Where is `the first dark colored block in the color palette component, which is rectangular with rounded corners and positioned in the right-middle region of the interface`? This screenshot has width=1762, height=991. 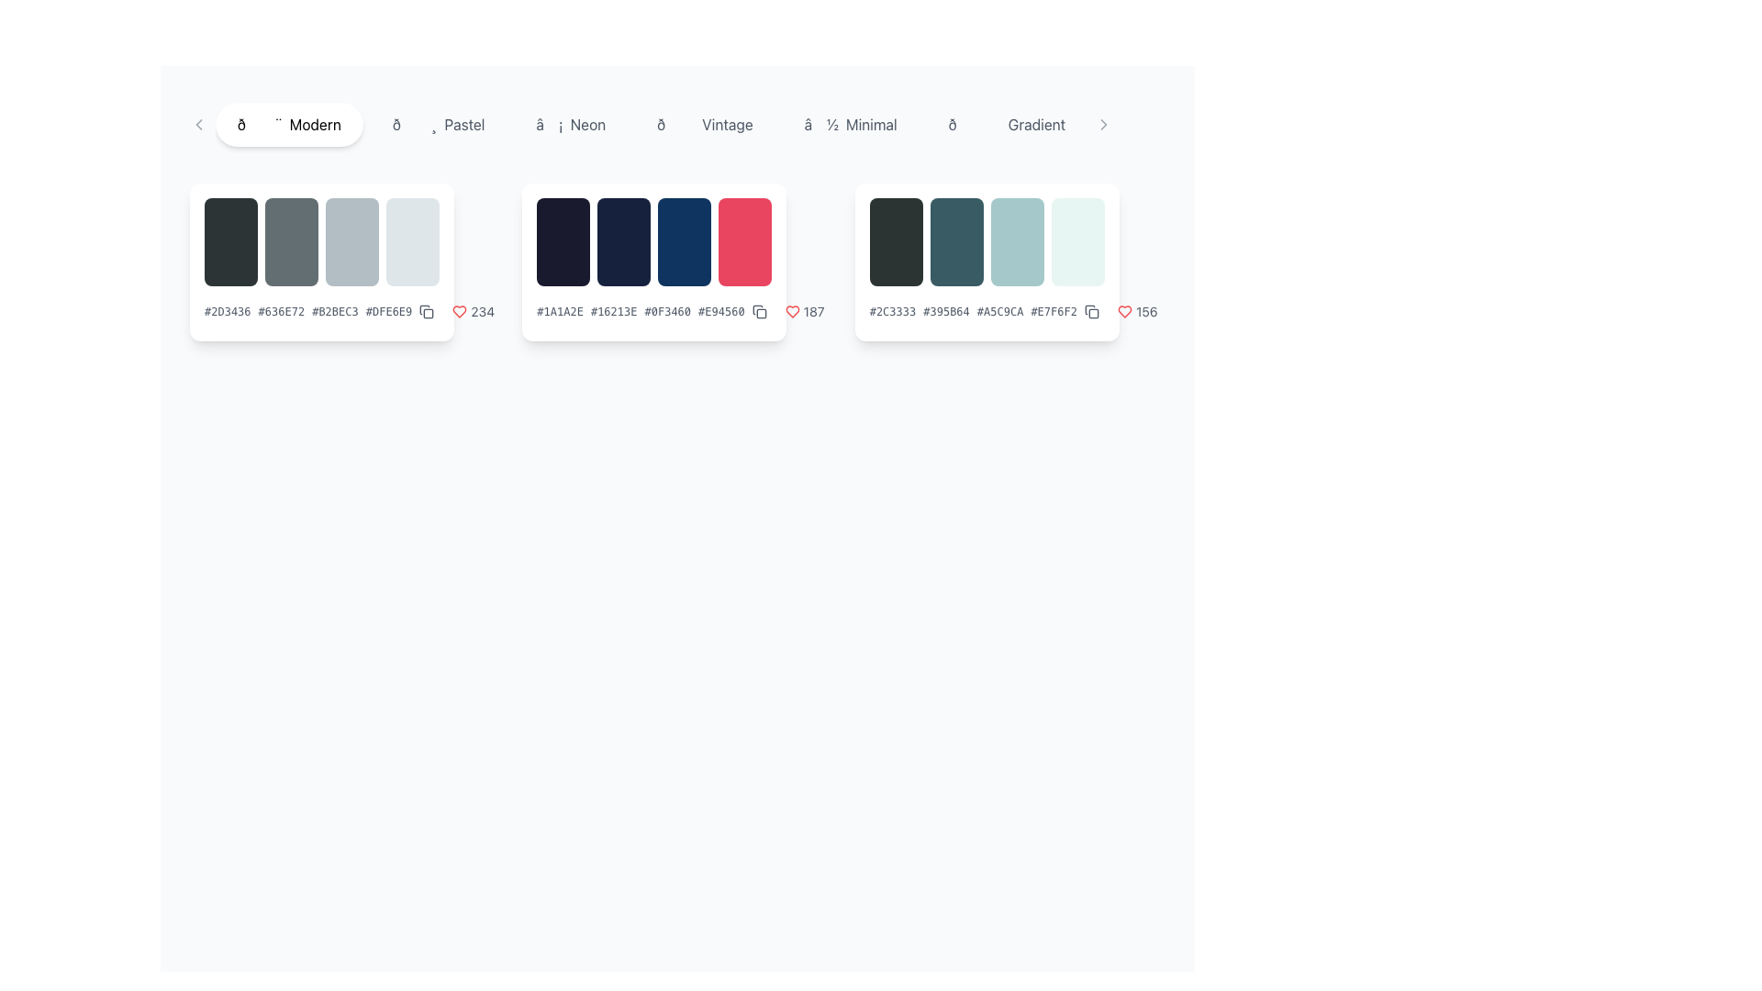 the first dark colored block in the color palette component, which is rectangular with rounded corners and positioned in the right-middle region of the interface is located at coordinates (896, 240).